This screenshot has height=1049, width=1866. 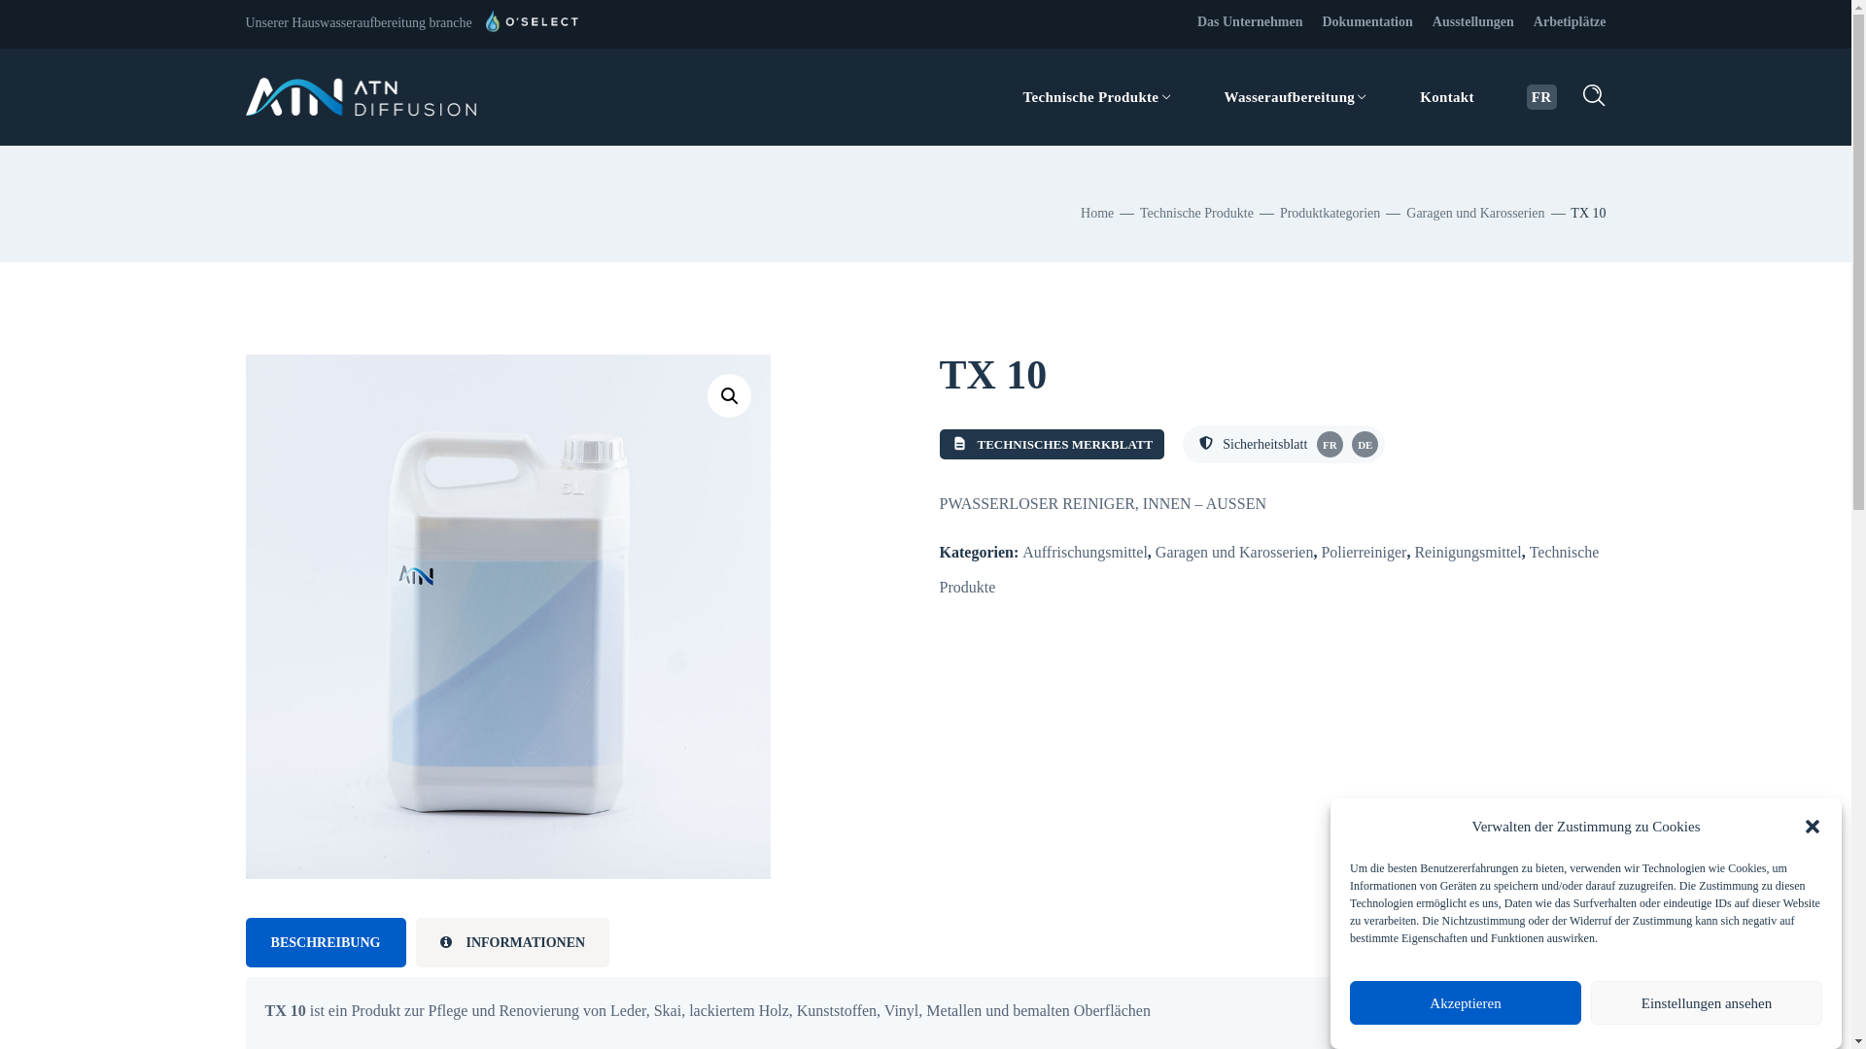 I want to click on 'Akzeptieren', so click(x=1348, y=1002).